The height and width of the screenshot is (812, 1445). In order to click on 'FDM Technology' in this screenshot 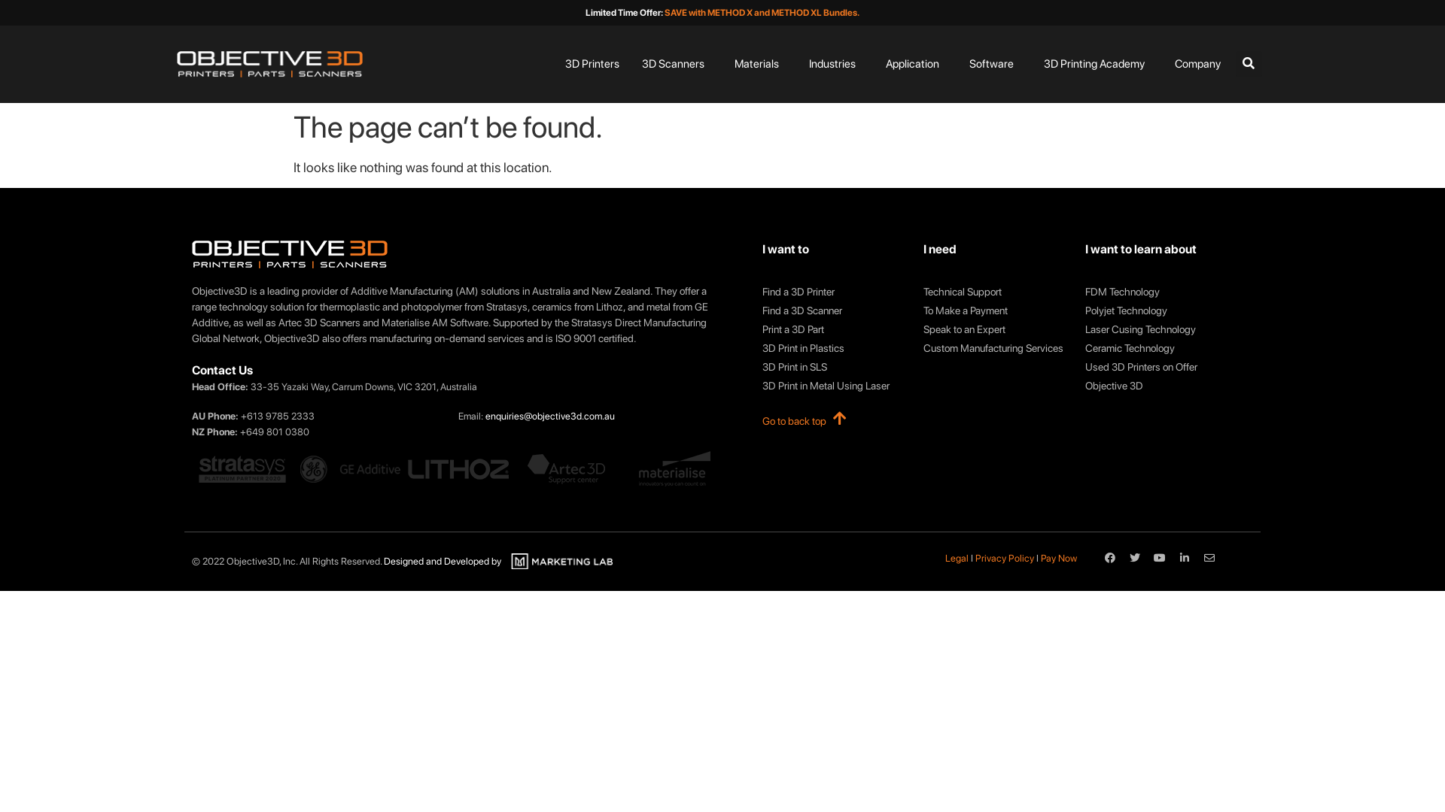, I will do `click(1085, 292)`.